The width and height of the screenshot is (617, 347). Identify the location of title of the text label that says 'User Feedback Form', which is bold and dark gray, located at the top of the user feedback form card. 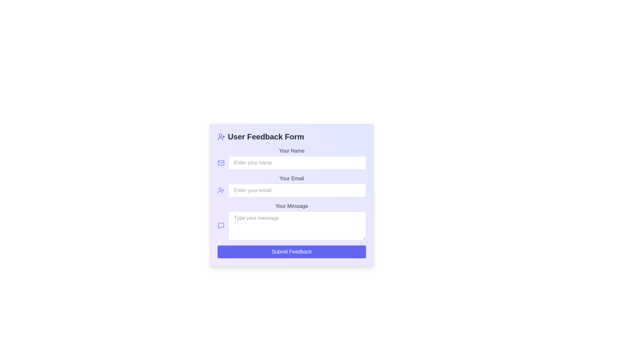
(291, 136).